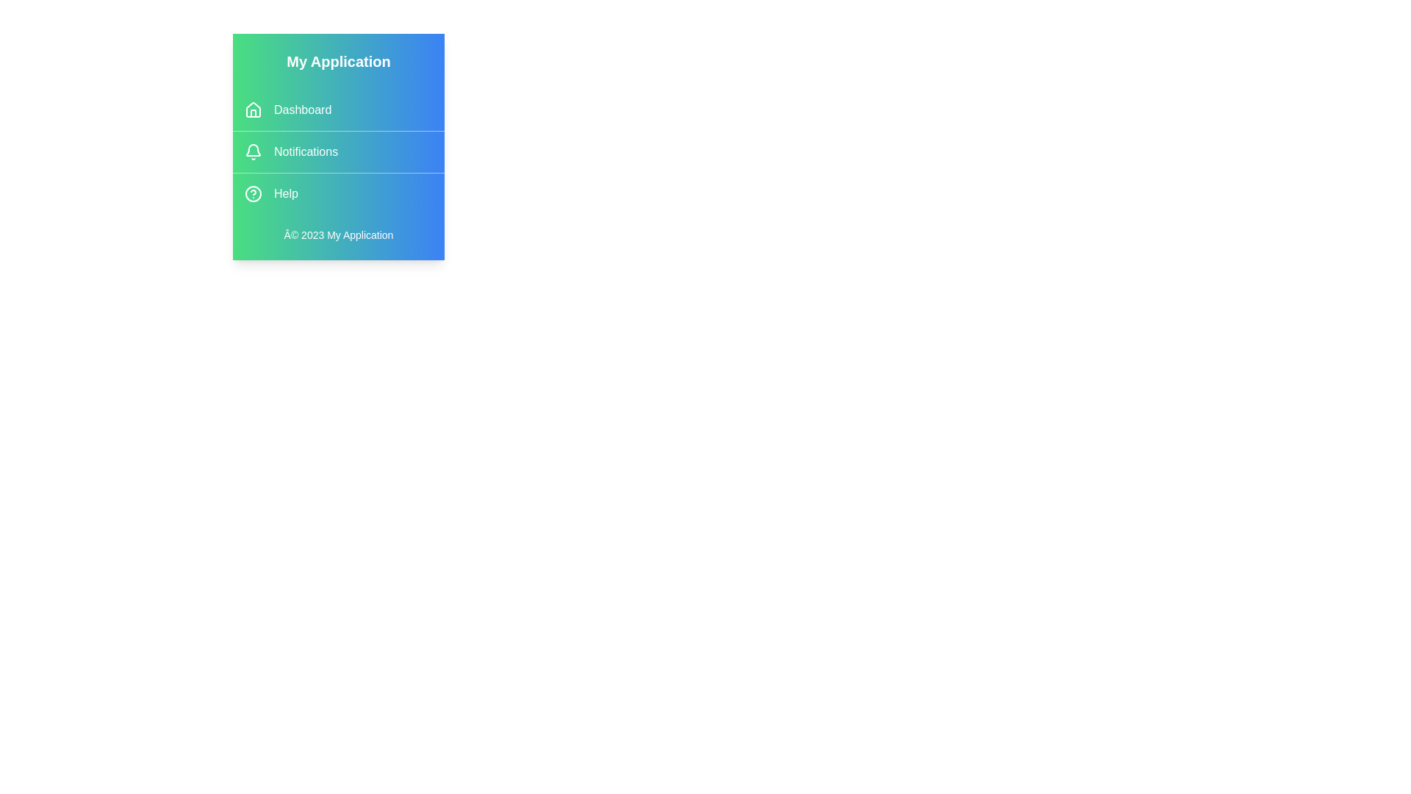 The image size is (1411, 794). I want to click on the menu item labeled Help, so click(337, 193).